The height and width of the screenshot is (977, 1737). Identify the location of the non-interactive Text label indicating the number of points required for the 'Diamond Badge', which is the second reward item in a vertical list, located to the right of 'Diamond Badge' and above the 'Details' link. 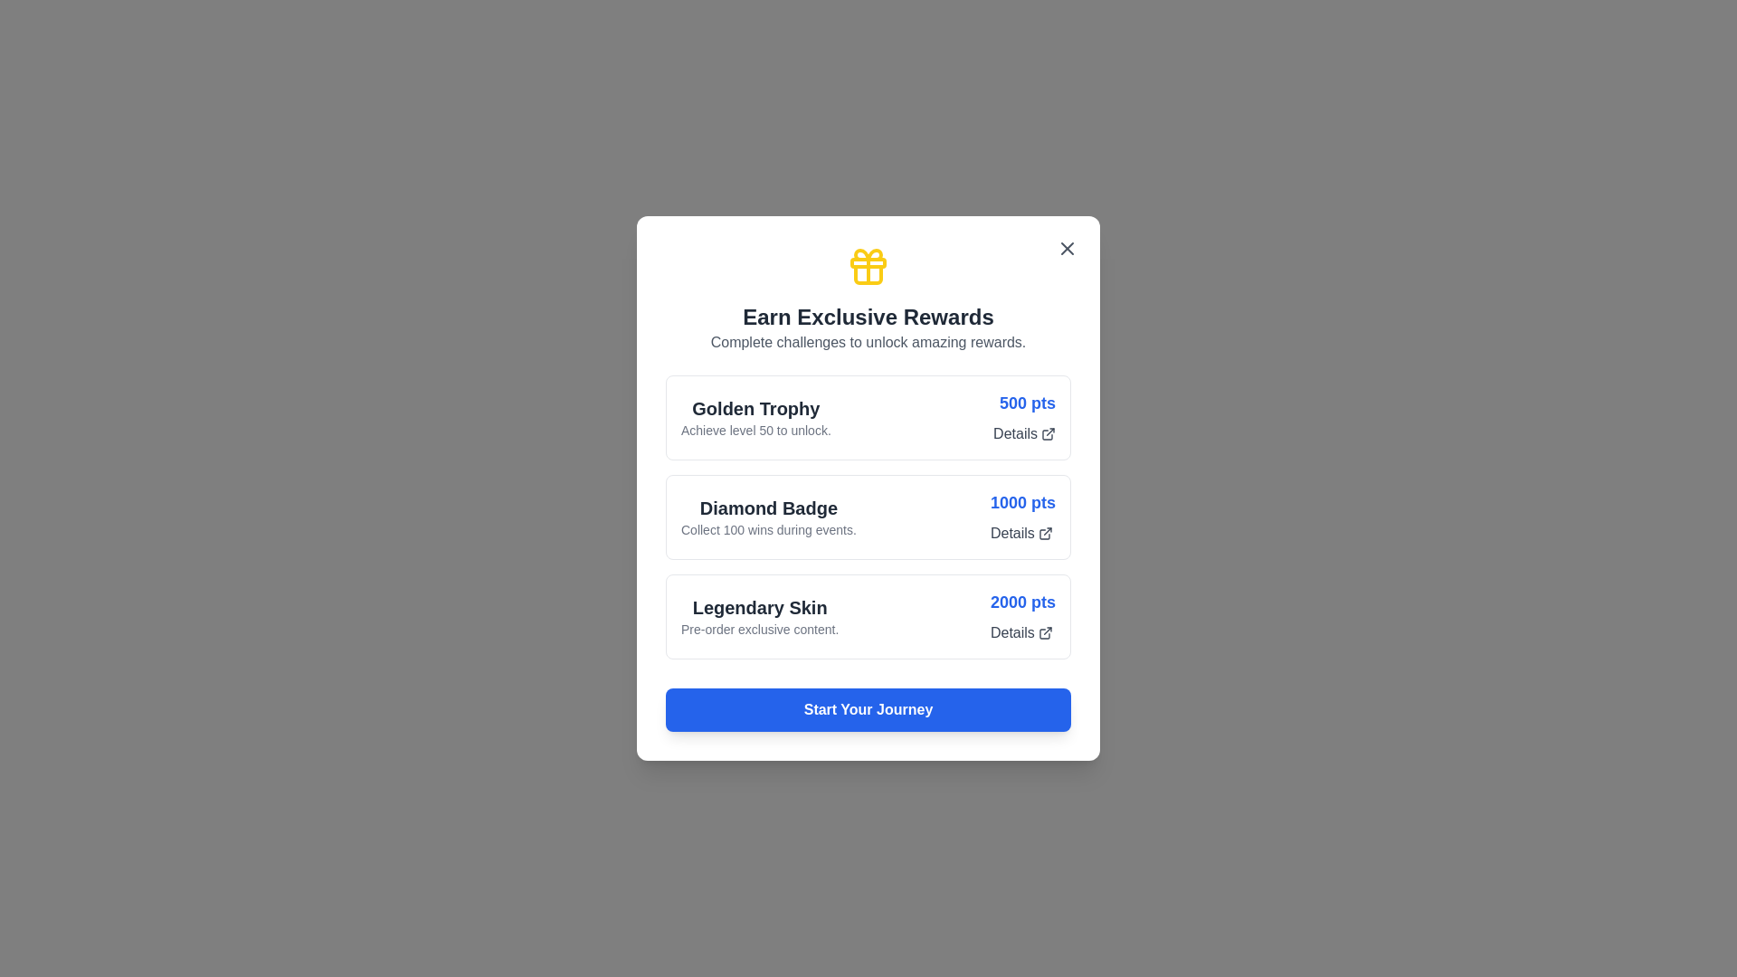
(1023, 502).